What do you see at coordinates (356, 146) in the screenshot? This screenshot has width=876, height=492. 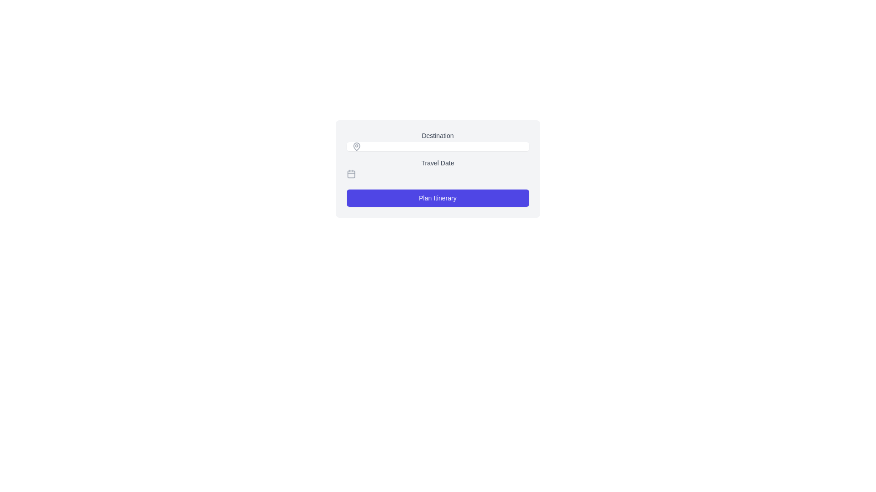 I see `the location icon graphic situated on the left side of the 'Destination' input field in the form-style interface` at bounding box center [356, 146].